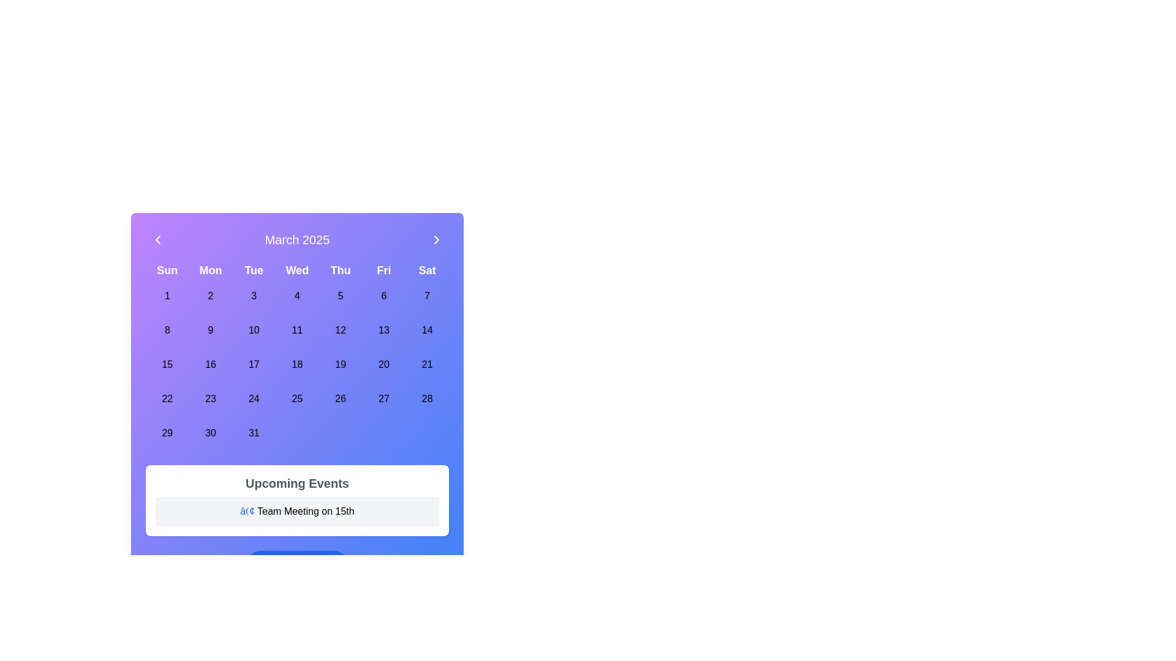 This screenshot has width=1176, height=661. I want to click on the date button representing the 27th day of the month in the calendar grid, so click(383, 398).